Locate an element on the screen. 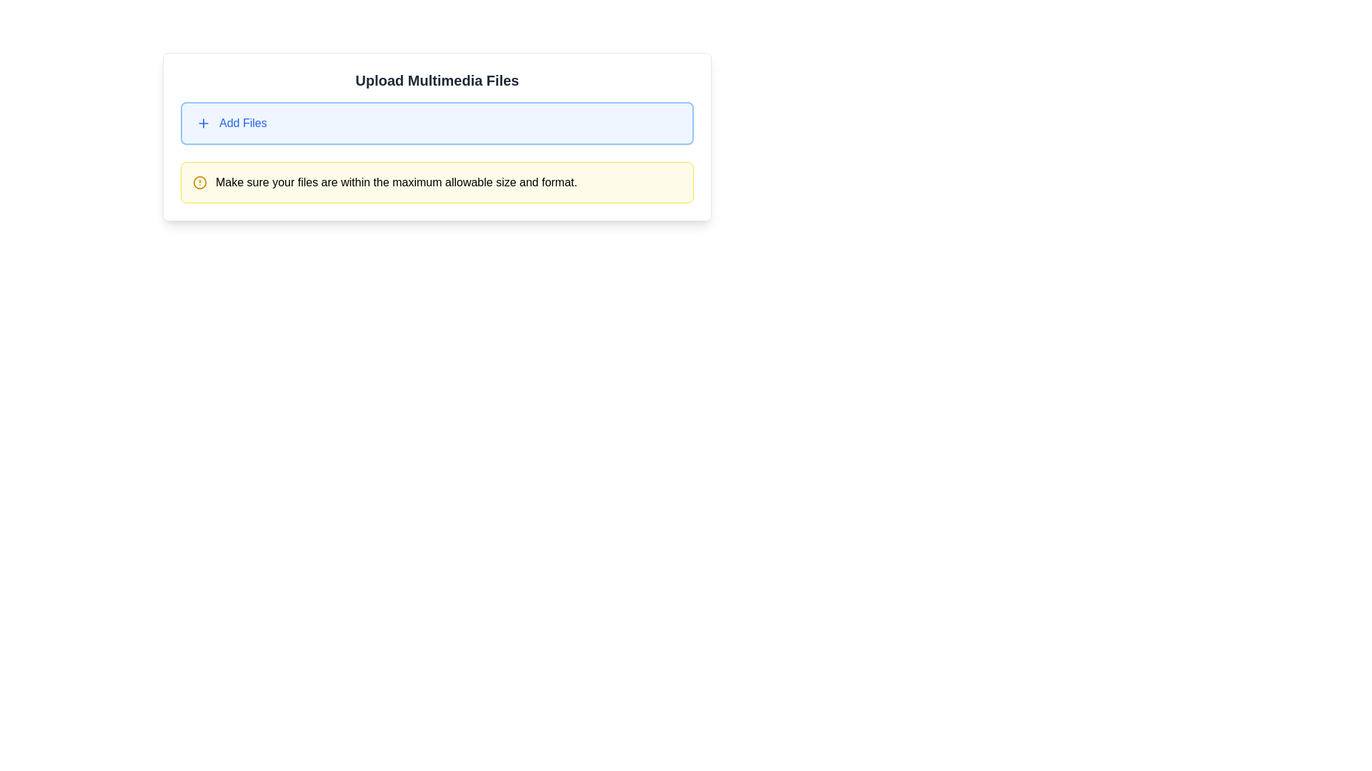  the icon inside the button with a blue border and background, located to the left of the 'Add Files' text is located at coordinates (202, 123).